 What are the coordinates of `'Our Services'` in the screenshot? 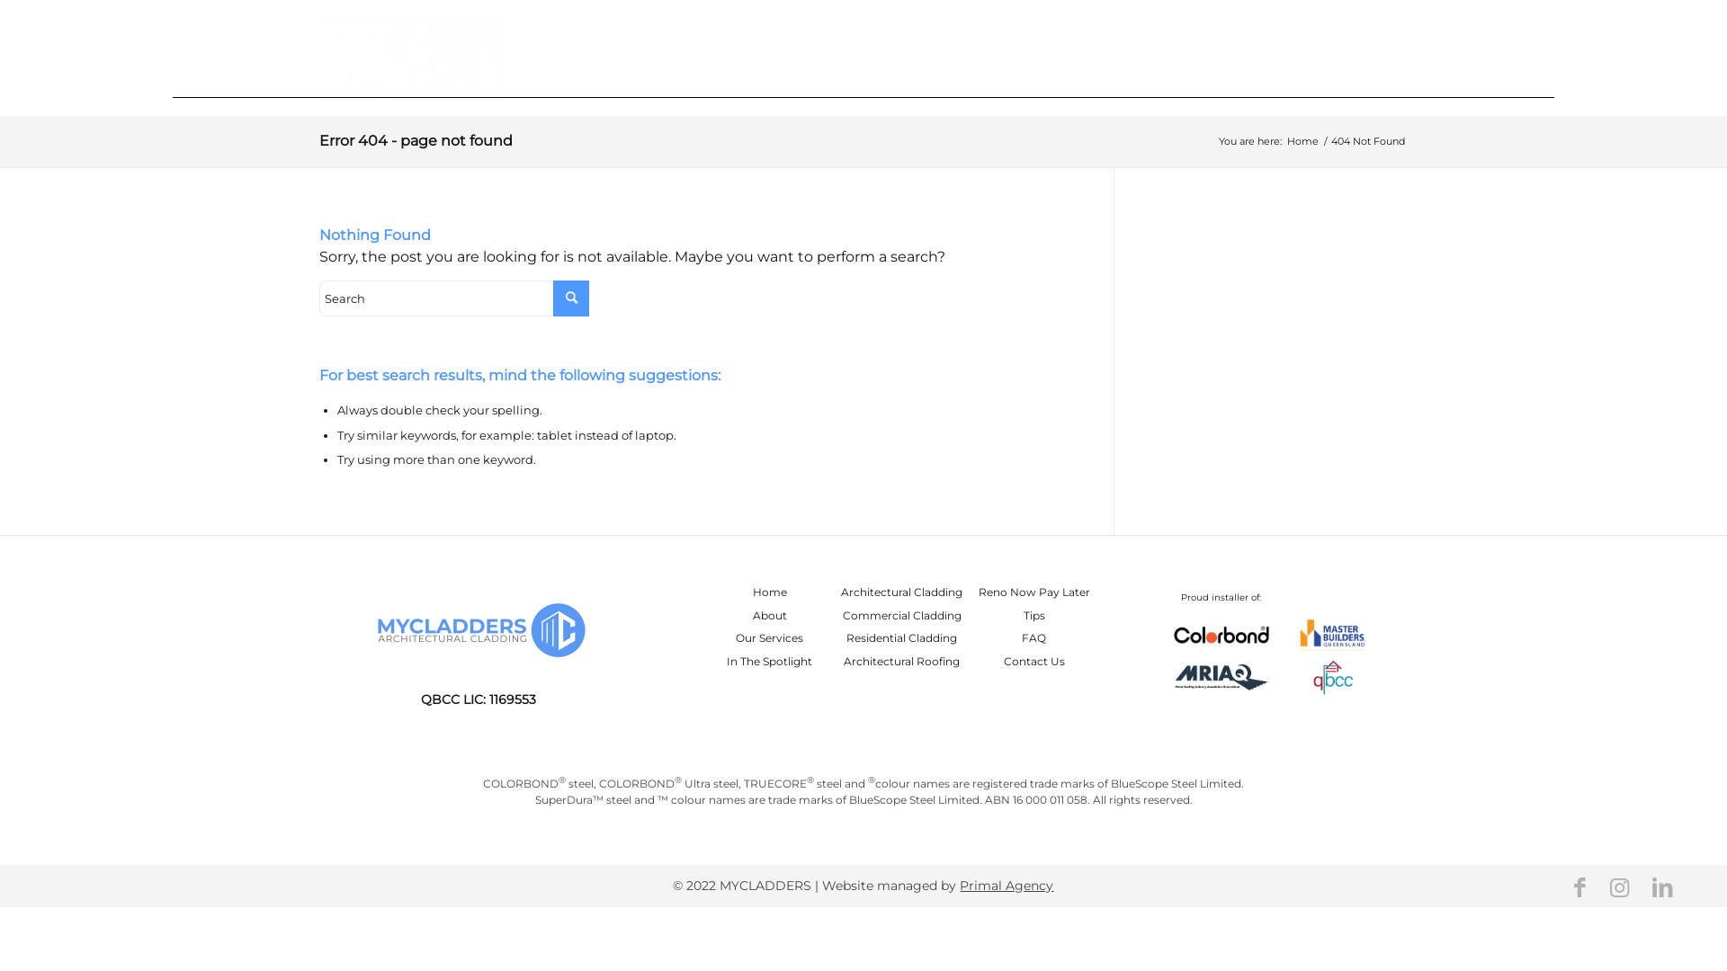 It's located at (769, 637).